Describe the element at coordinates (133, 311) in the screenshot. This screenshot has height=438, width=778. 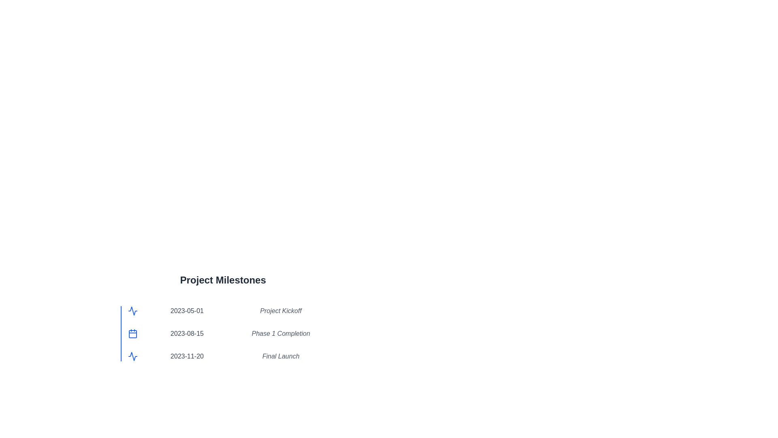
I see `small, blue zigzag icon that precedes the text '2023-05-01' and 'Project Kickoff' in the milestone list` at that location.